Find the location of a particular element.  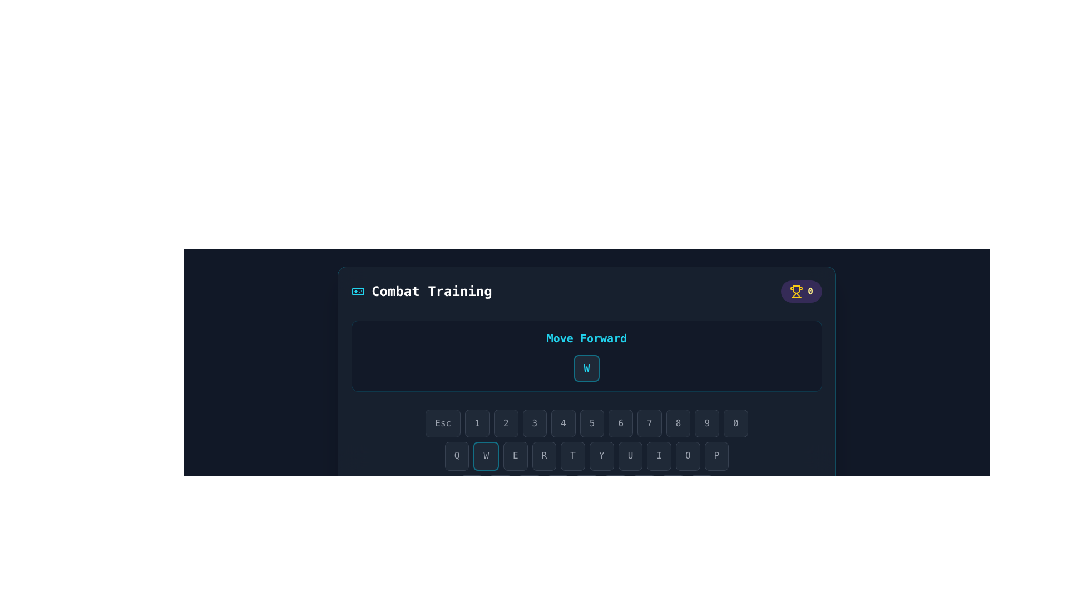

the 'Esc' key button on the virtual keyboard located in the bottom-left sector of the interface to simulate the 'Esc' keypress is located at coordinates (442, 423).